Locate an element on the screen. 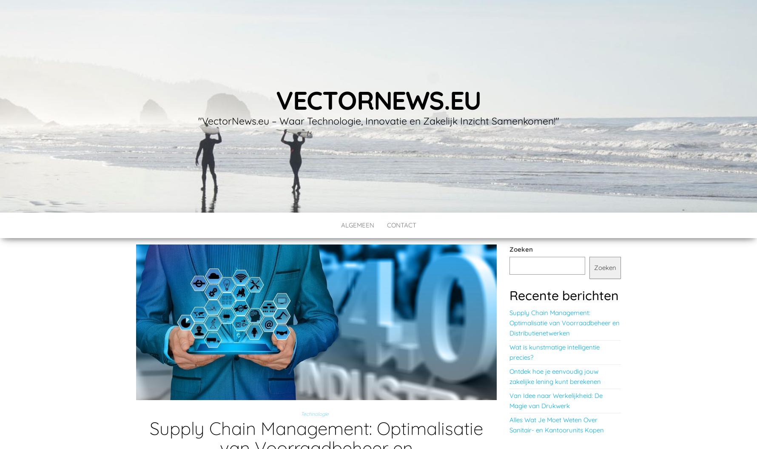 This screenshot has height=449, width=757. 'contact' is located at coordinates (401, 225).